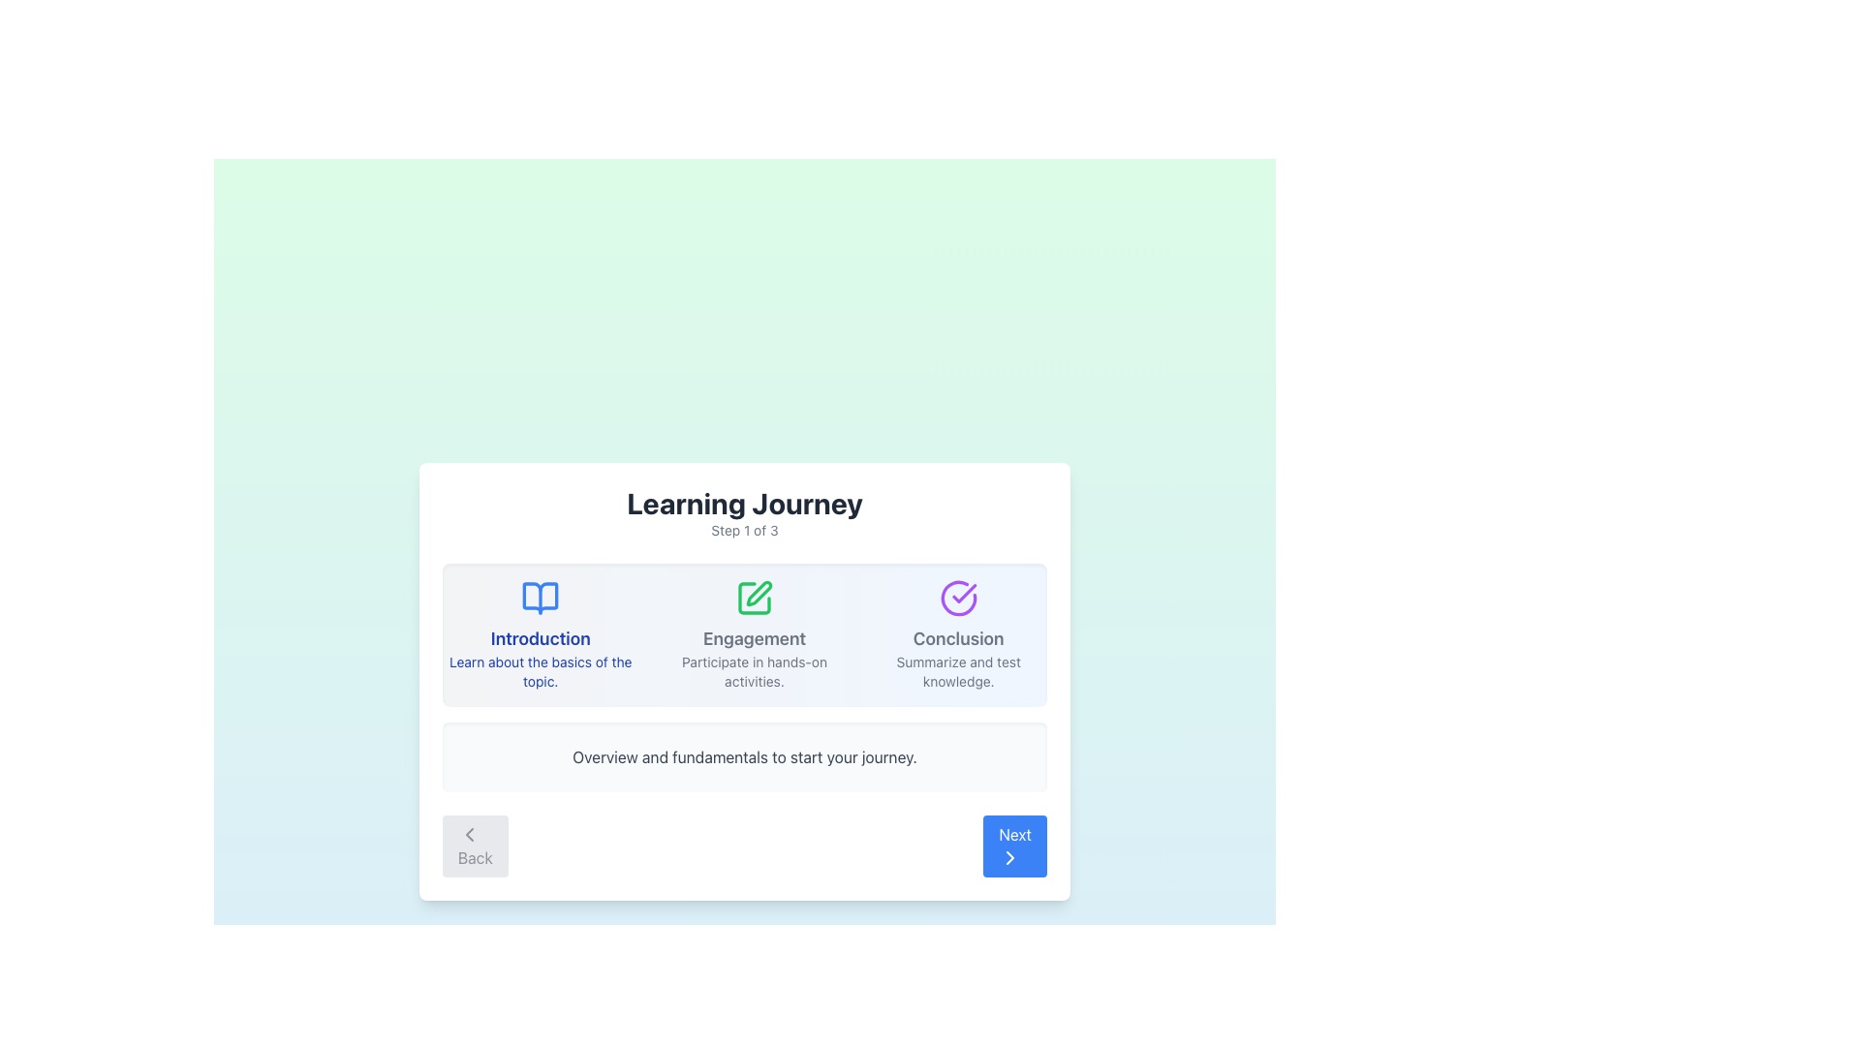 This screenshot has width=1860, height=1046. I want to click on the learning journey icon located above the 'Introduction' section title on the leftmost side among three columns, so click(541, 597).